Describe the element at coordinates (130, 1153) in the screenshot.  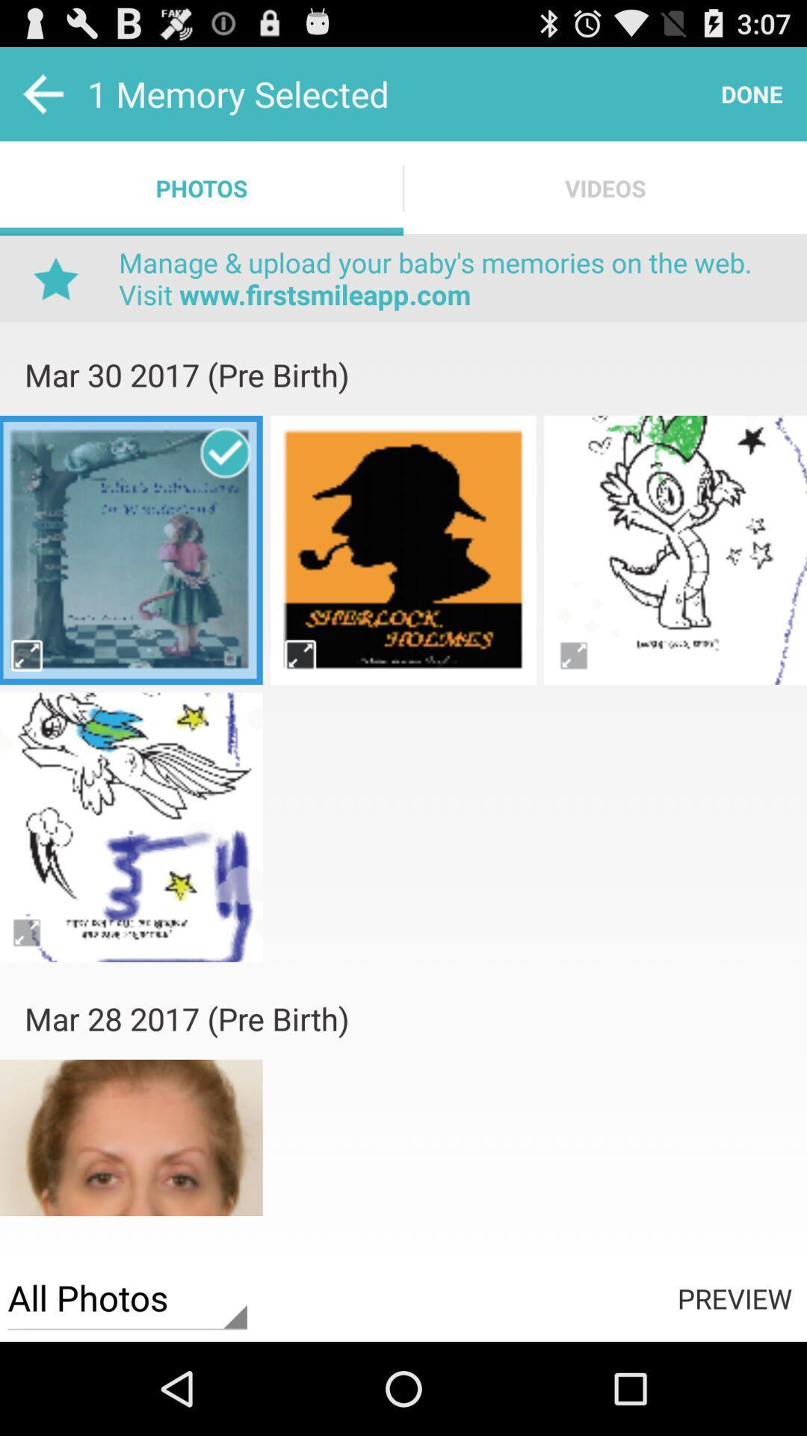
I see `photos` at that location.